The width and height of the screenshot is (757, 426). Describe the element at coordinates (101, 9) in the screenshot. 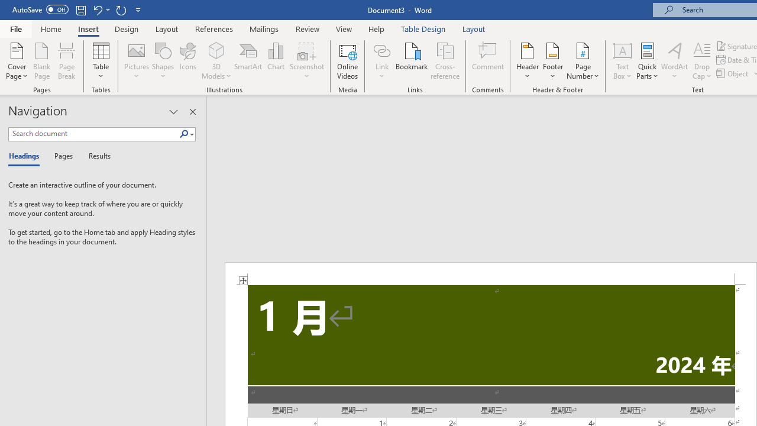

I see `'Undo Increase Indent'` at that location.